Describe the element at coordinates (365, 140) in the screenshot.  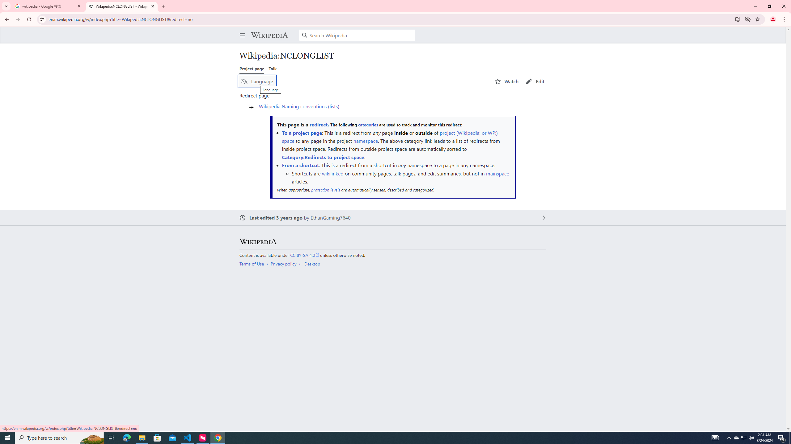
I see `'namespace'` at that location.